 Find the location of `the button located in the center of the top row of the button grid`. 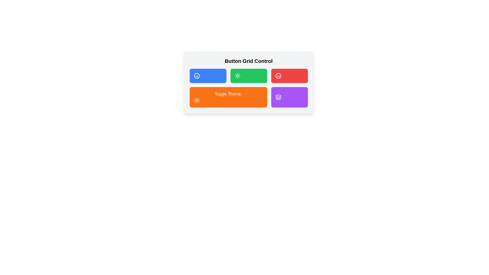

the button located in the center of the top row of the button grid is located at coordinates (249, 82).